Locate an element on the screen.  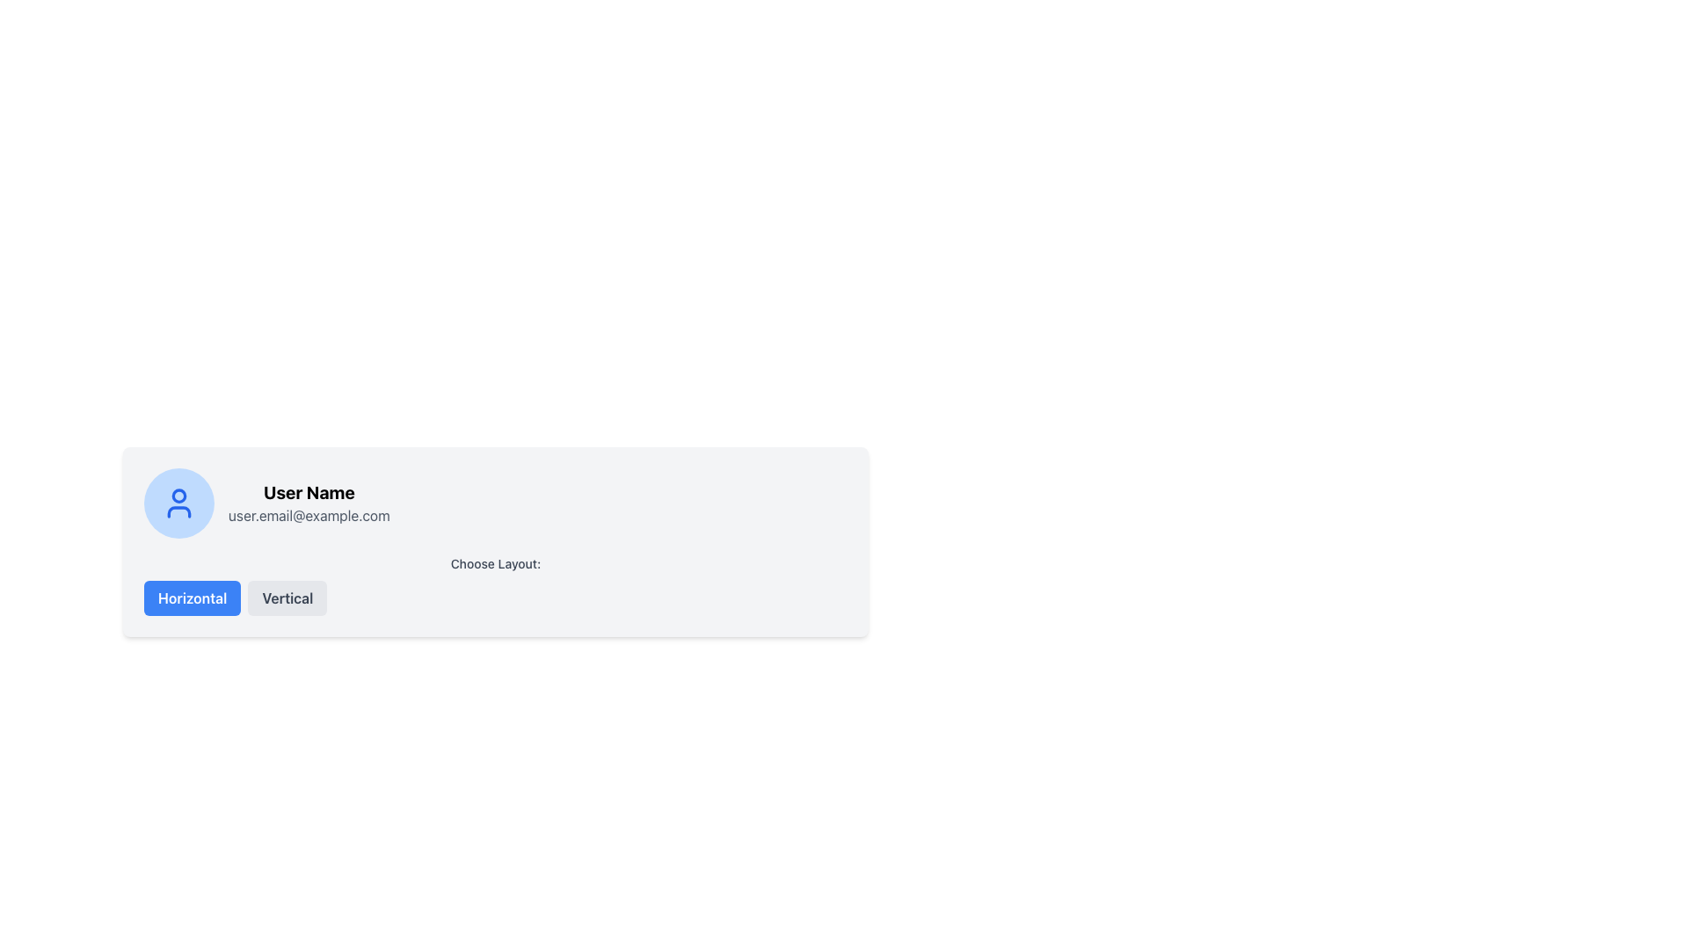
the circular badge styled with a light blue background containing a user icon in dark blue color, which represents a profile. This badge is located at the left-most side of the interface, preceding the username and email address is located at coordinates (178, 503).